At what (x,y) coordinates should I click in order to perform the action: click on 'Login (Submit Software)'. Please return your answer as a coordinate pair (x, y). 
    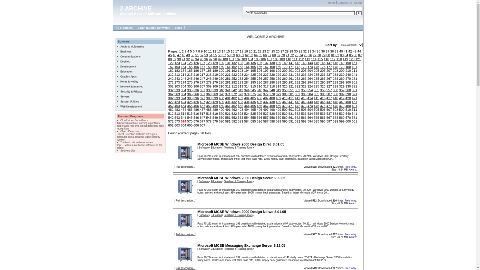
    Looking at the image, I should click on (135, 28).